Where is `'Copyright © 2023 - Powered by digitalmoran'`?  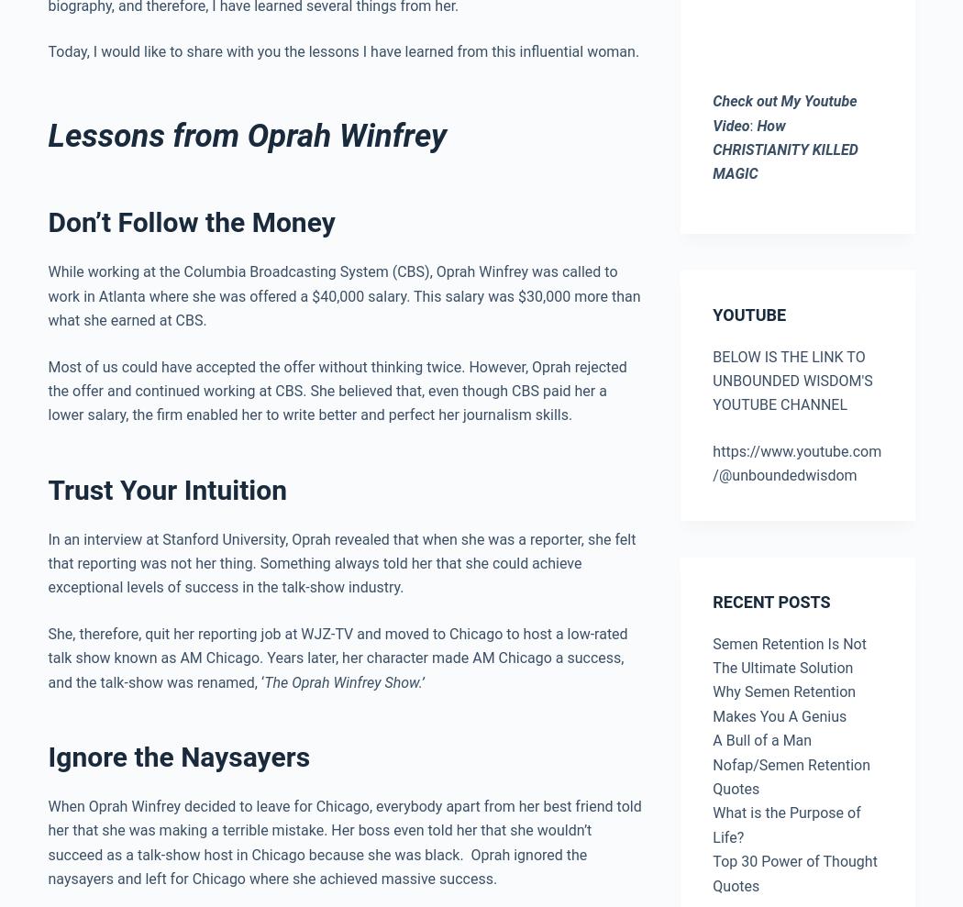
'Copyright © 2023 - Powered by digitalmoran' is located at coordinates (446, 858).